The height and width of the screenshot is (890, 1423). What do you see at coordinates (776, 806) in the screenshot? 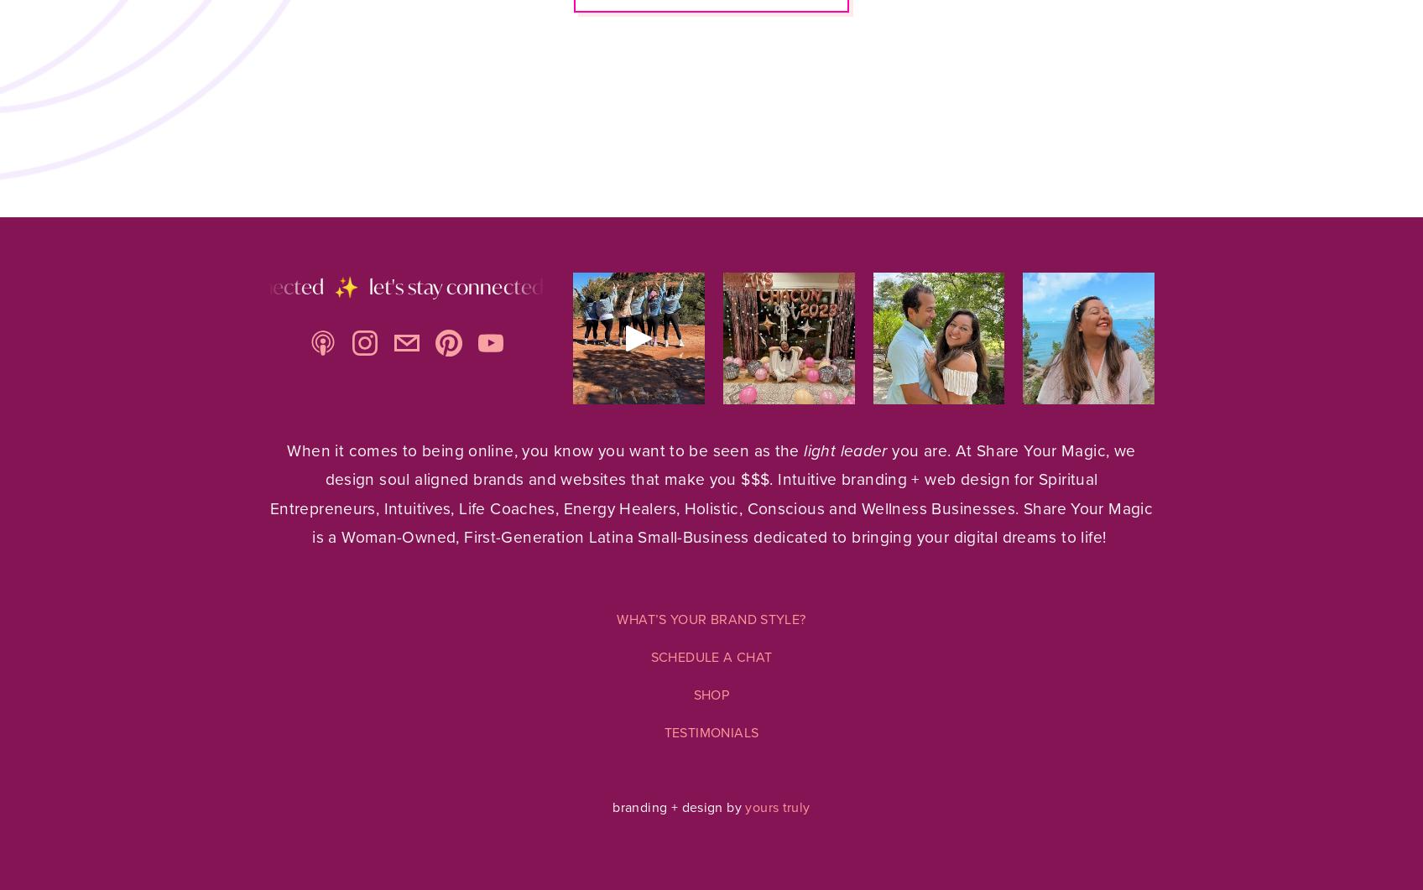
I see `'yours truly'` at bounding box center [776, 806].